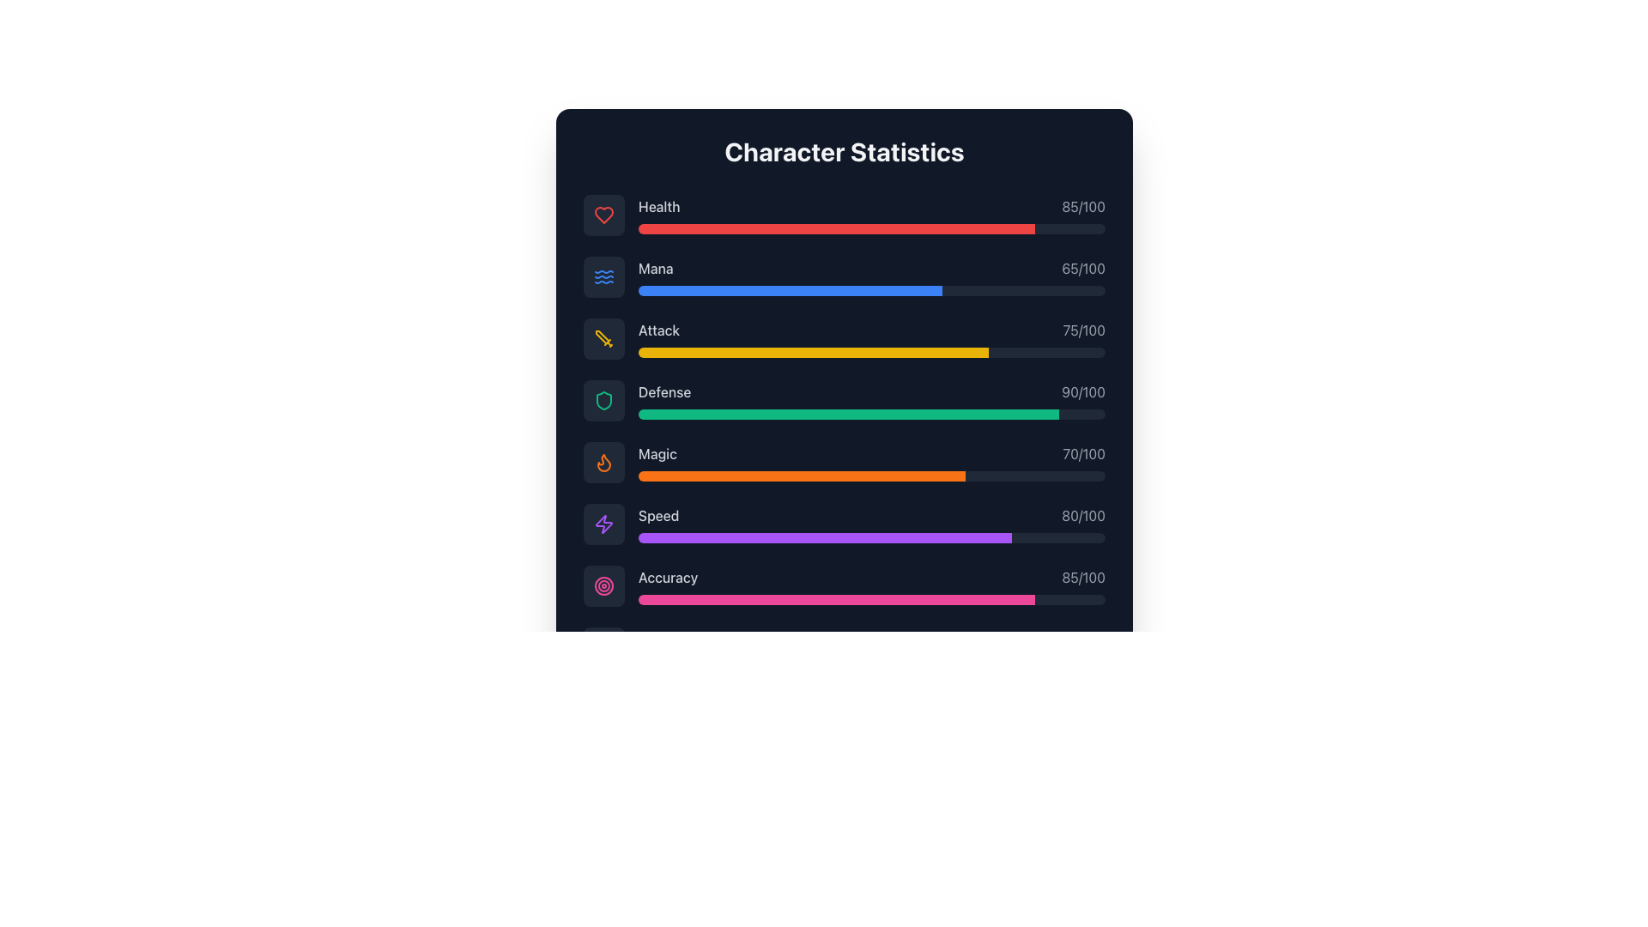 The image size is (1648, 927). What do you see at coordinates (872, 227) in the screenshot?
I see `the horizontal progress bar indicating health, which is styled with a dark gray background and a red filled portion showing 85% progress` at bounding box center [872, 227].